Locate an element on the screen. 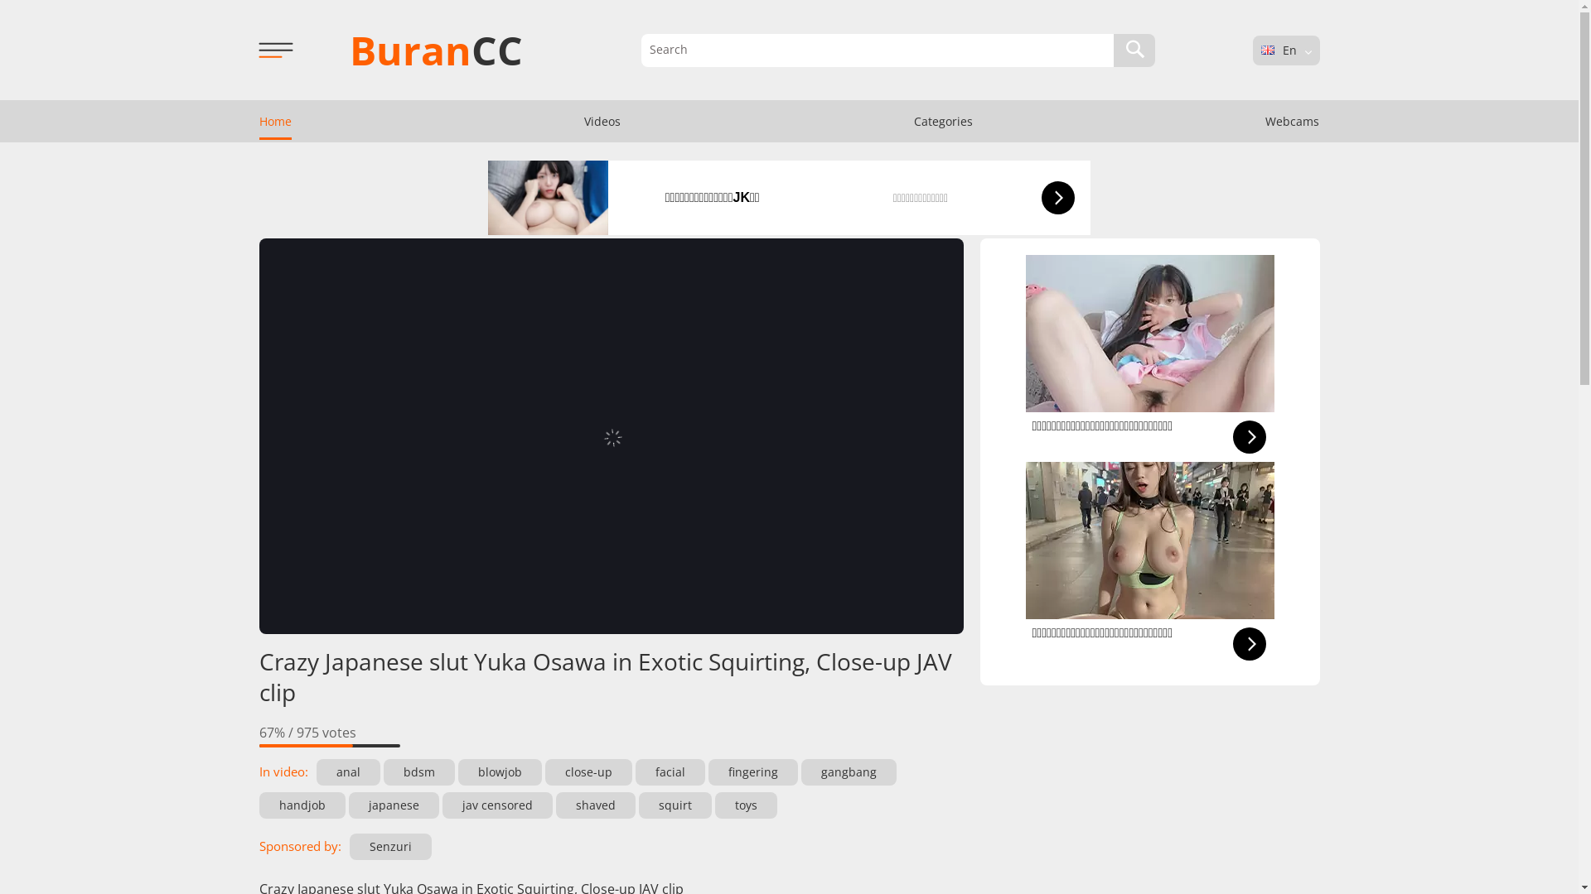 The image size is (1591, 894). 'toys' is located at coordinates (714, 804).